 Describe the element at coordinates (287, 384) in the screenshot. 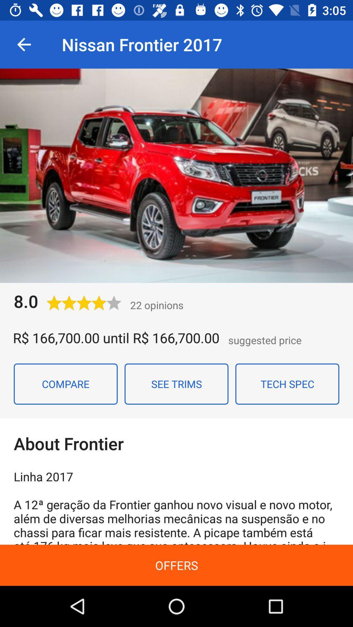

I see `item above the linha 2017 a item` at that location.